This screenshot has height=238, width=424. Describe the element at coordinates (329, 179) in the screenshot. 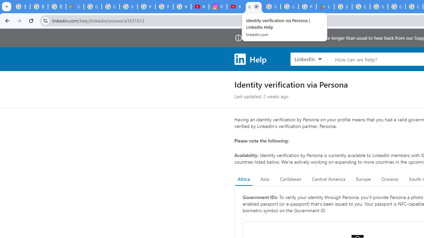

I see `'Central America'` at that location.